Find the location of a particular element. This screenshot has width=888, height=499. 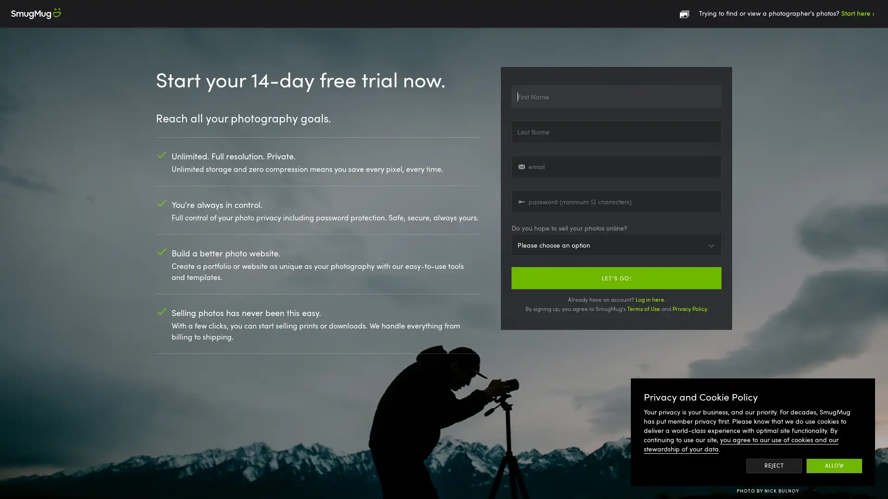

REJECT is located at coordinates (774, 465).